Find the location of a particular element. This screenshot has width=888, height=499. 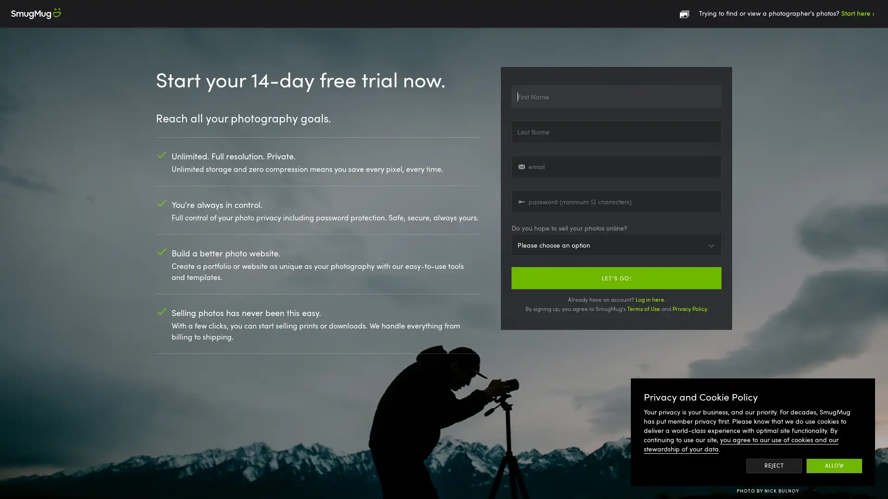

REJECT is located at coordinates (774, 465).